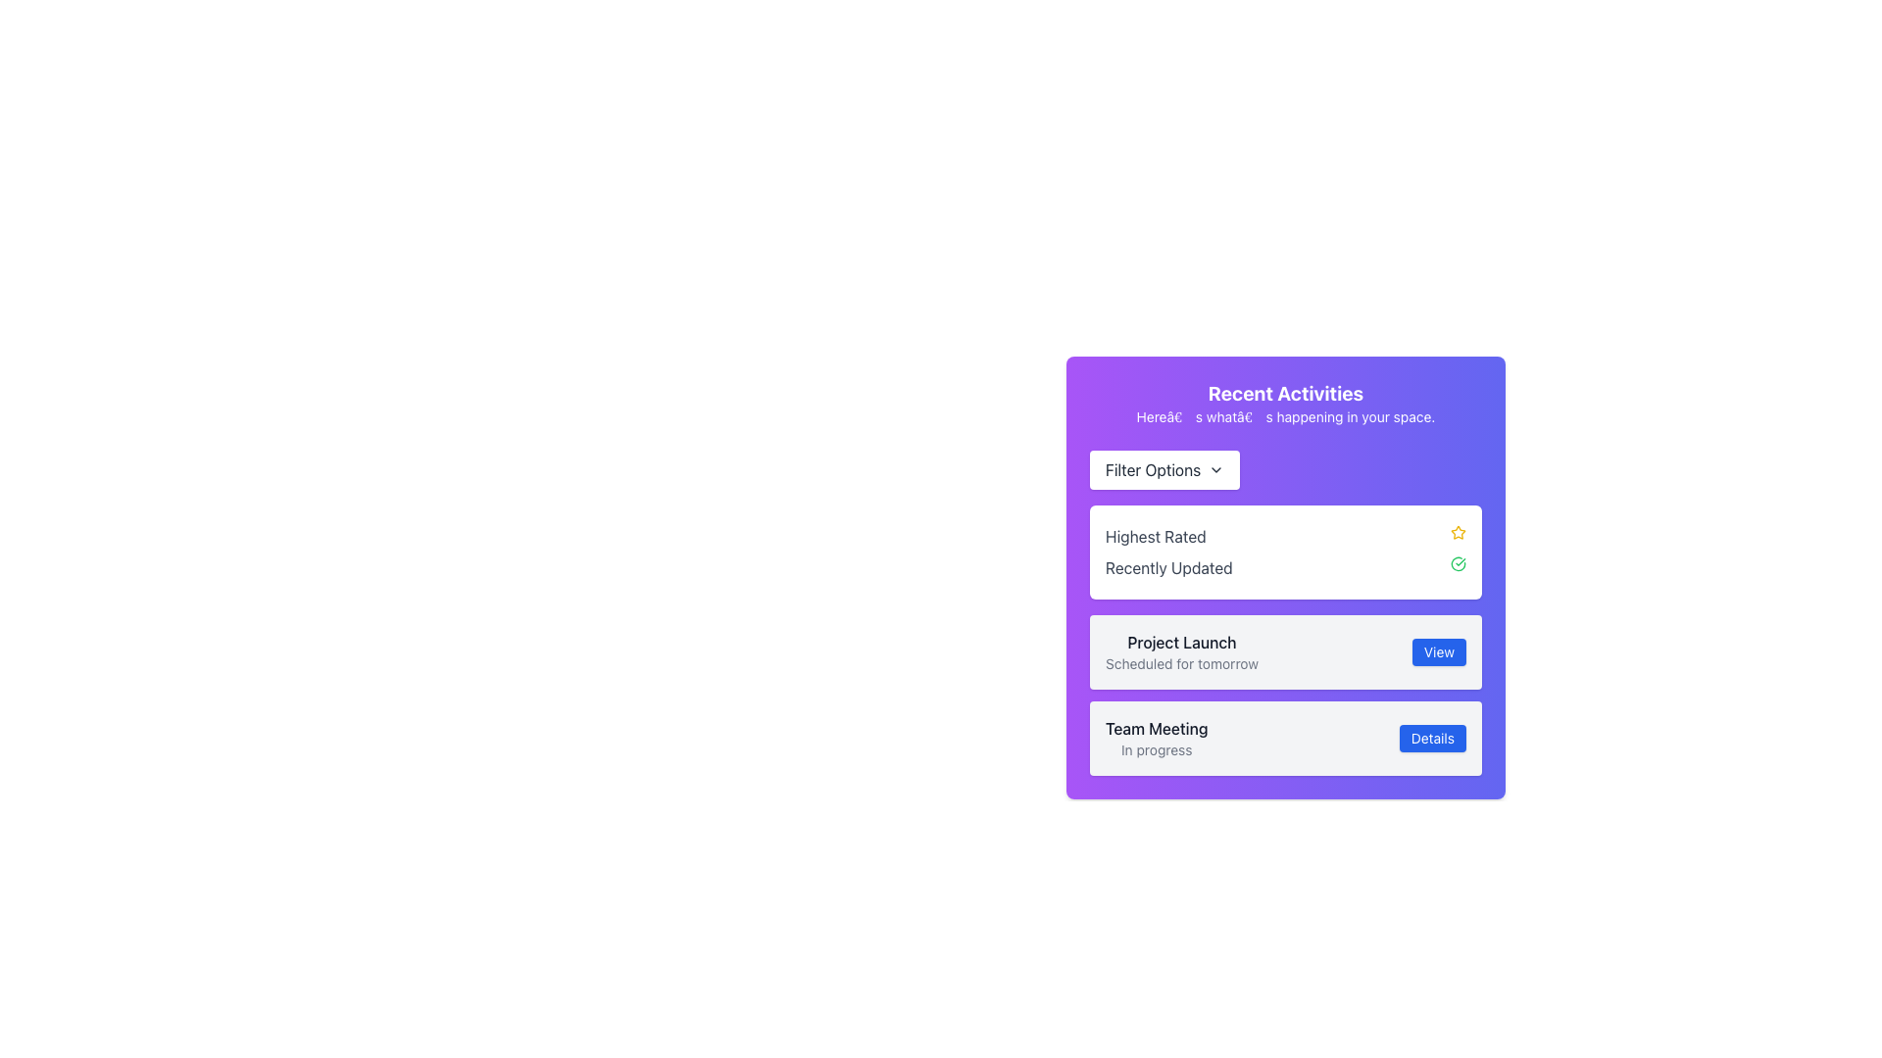 The width and height of the screenshot is (1882, 1058). What do you see at coordinates (1458, 532) in the screenshot?
I see `the star-shaped icon with a yellow fill and thin border located to the right of the 'Highest Rated' label in the 'Recent Activities' section to interact` at bounding box center [1458, 532].